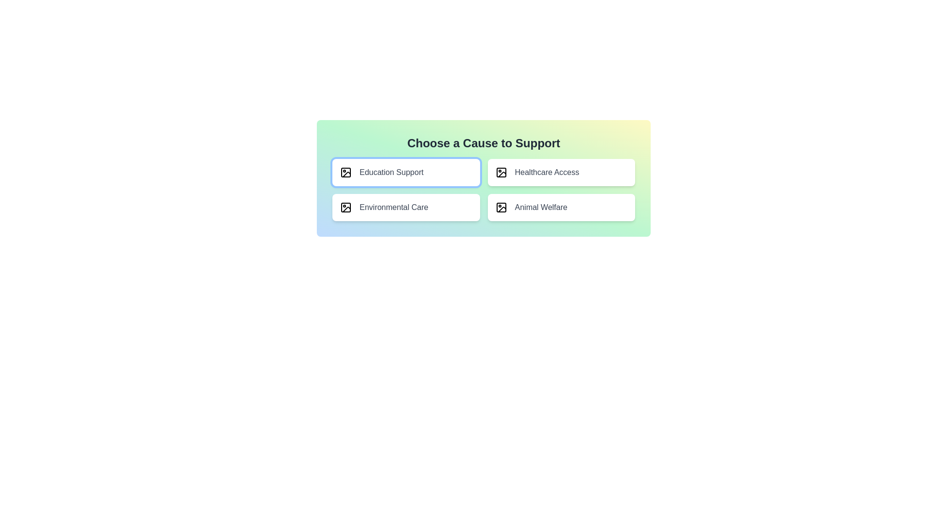  I want to click on the second interactive list item with icon and text for 'Healthcare Access', so click(536, 172).